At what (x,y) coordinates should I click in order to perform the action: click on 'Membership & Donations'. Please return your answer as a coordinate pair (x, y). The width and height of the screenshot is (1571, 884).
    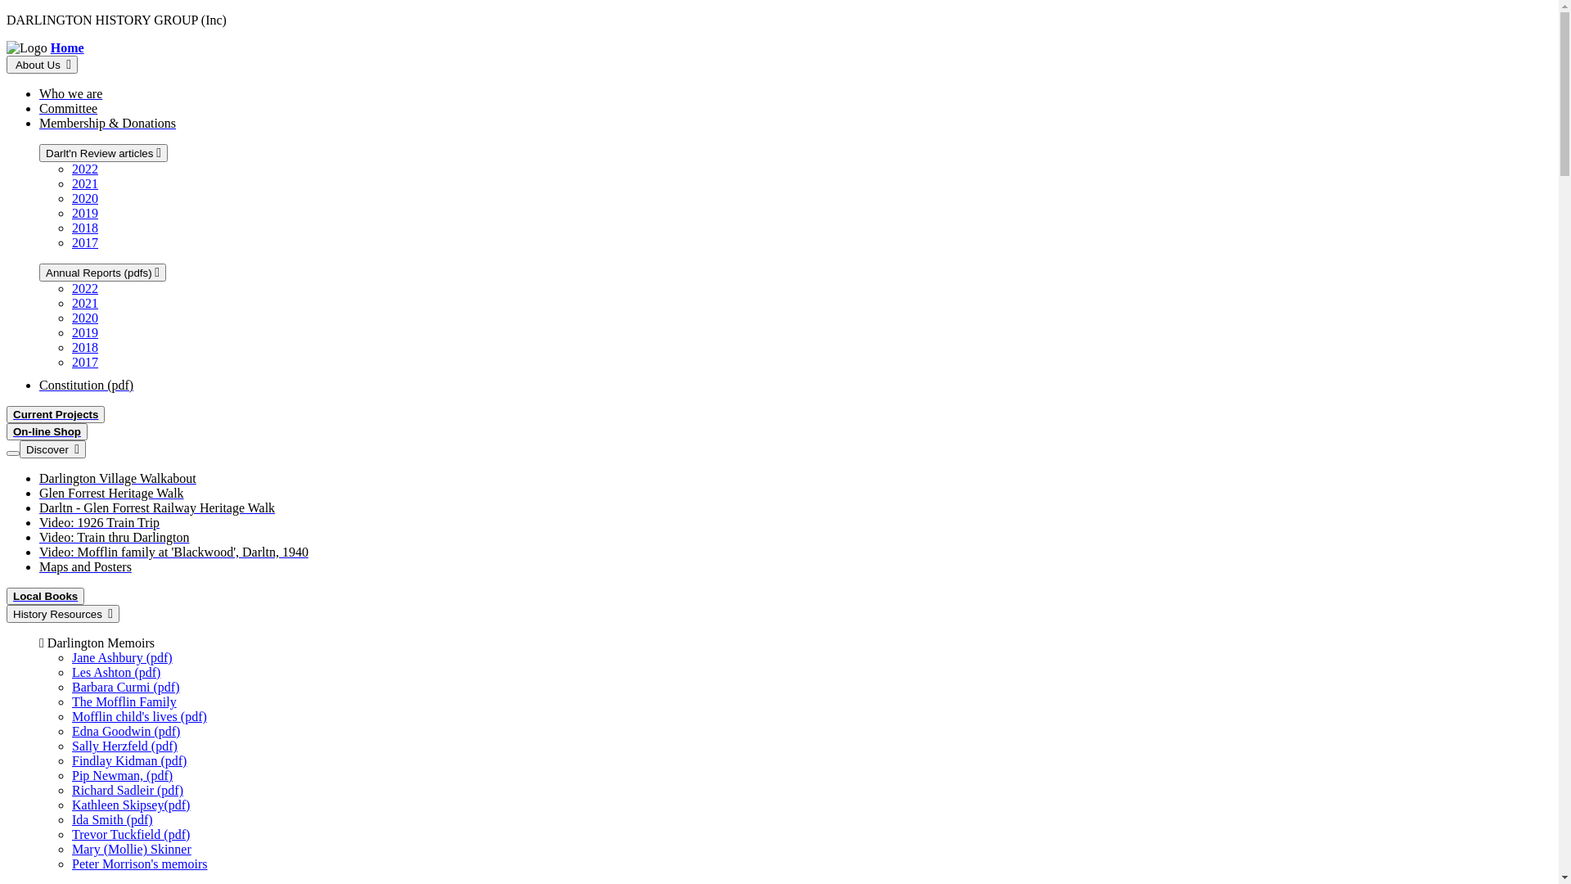
    Looking at the image, I should click on (106, 122).